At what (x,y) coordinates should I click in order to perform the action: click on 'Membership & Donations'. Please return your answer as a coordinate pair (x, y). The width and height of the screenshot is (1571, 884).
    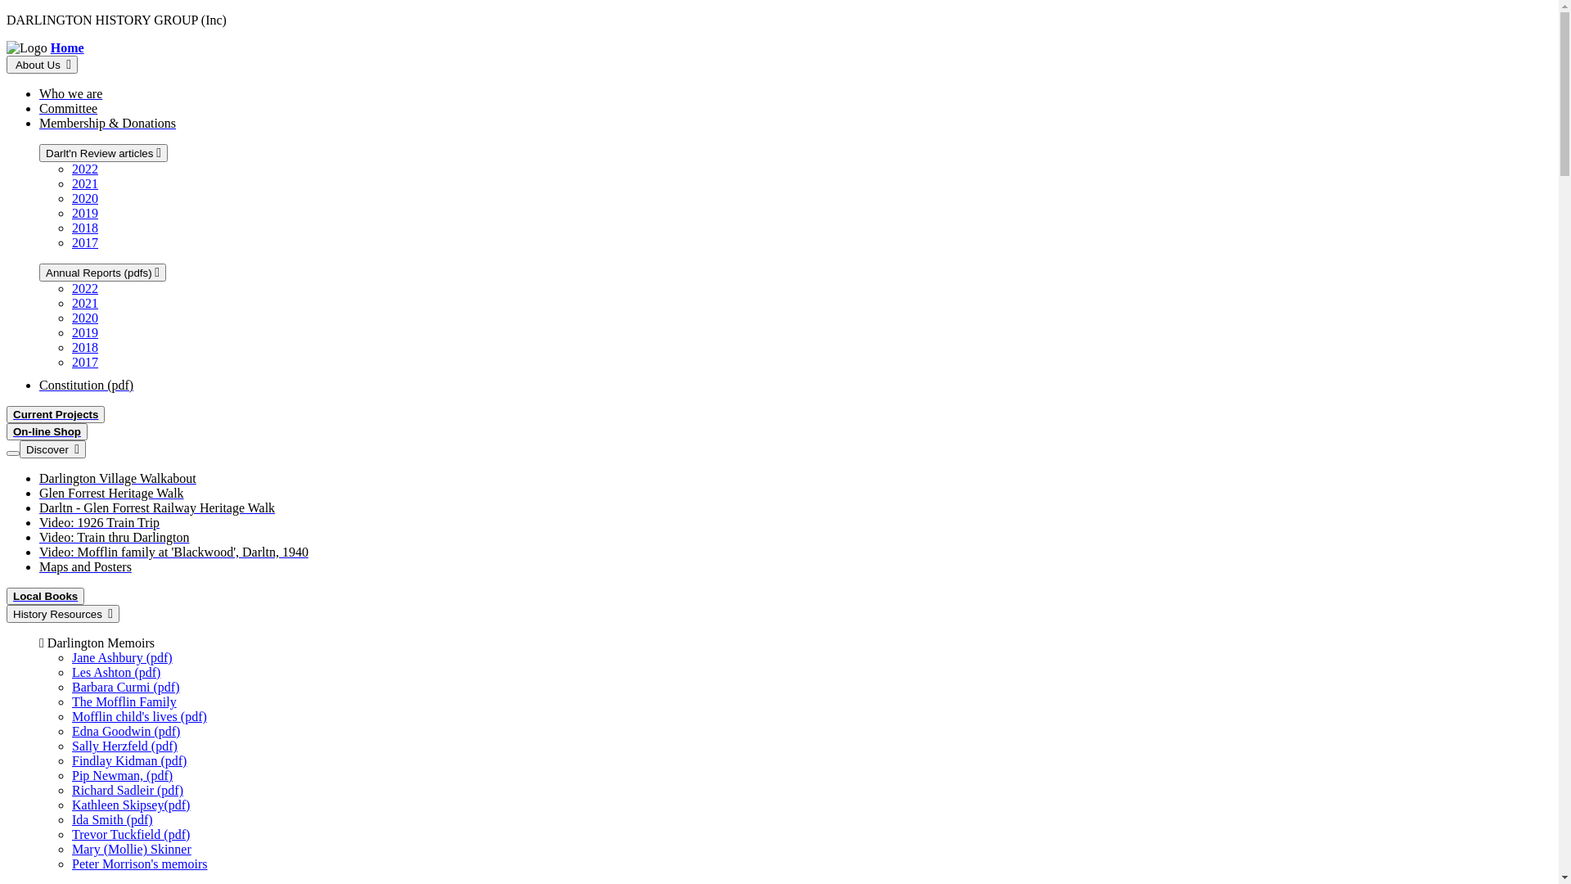
    Looking at the image, I should click on (106, 122).